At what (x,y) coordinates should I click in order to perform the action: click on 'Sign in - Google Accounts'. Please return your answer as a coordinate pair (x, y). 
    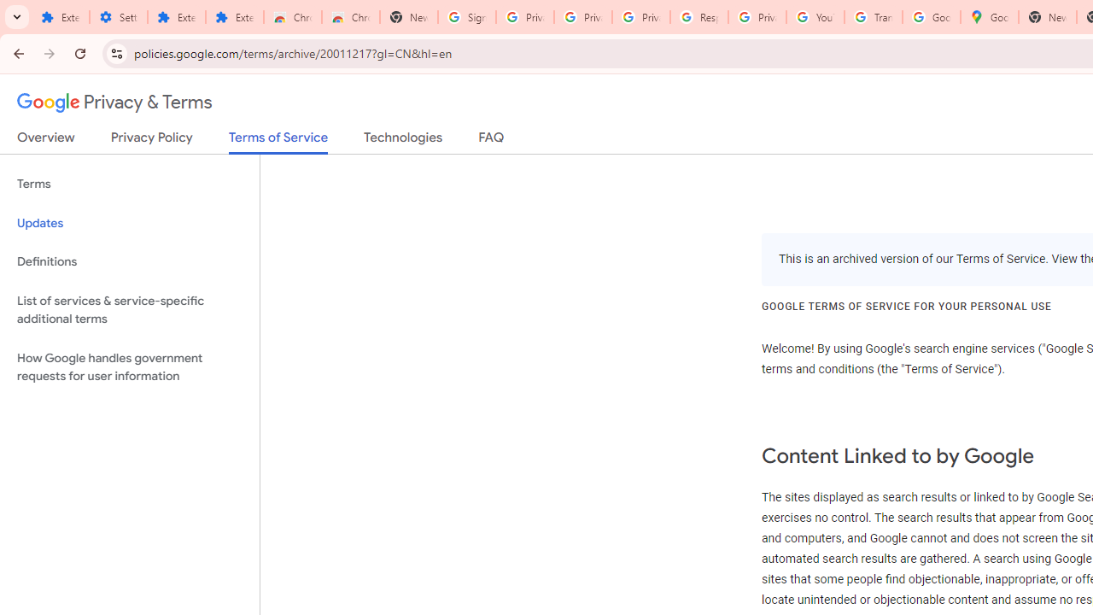
    Looking at the image, I should click on (467, 17).